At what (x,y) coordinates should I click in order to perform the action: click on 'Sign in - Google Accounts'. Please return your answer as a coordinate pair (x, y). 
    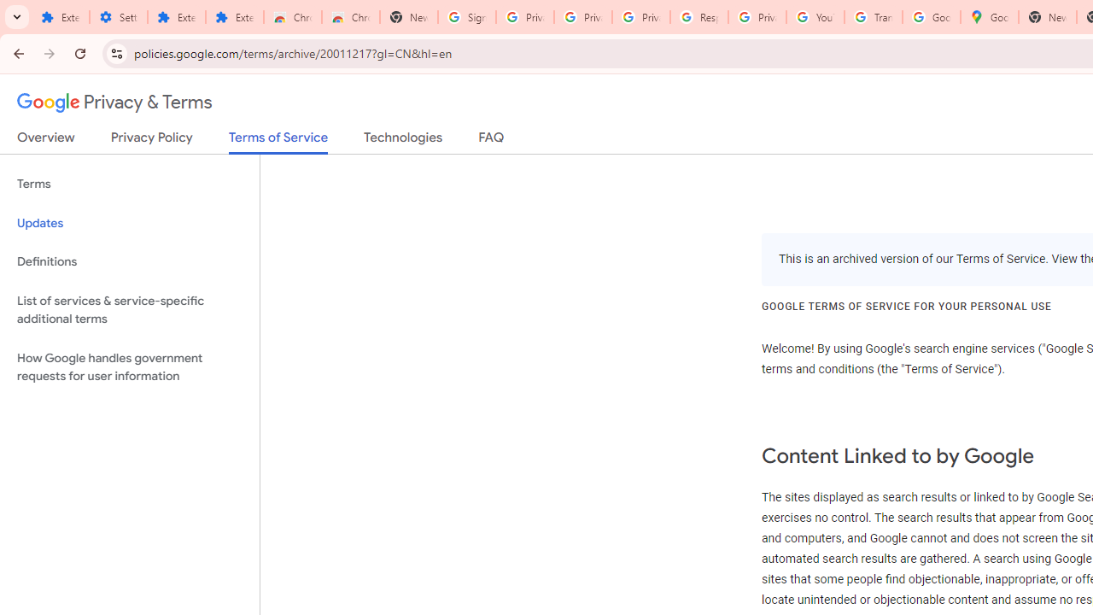
    Looking at the image, I should click on (467, 17).